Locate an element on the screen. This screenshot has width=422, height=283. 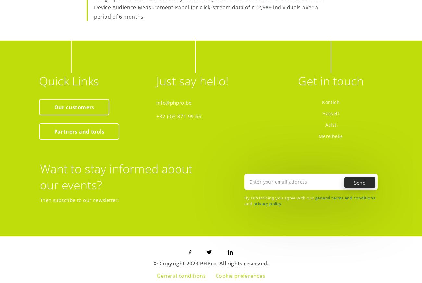
'Just say hello!' is located at coordinates (192, 81).